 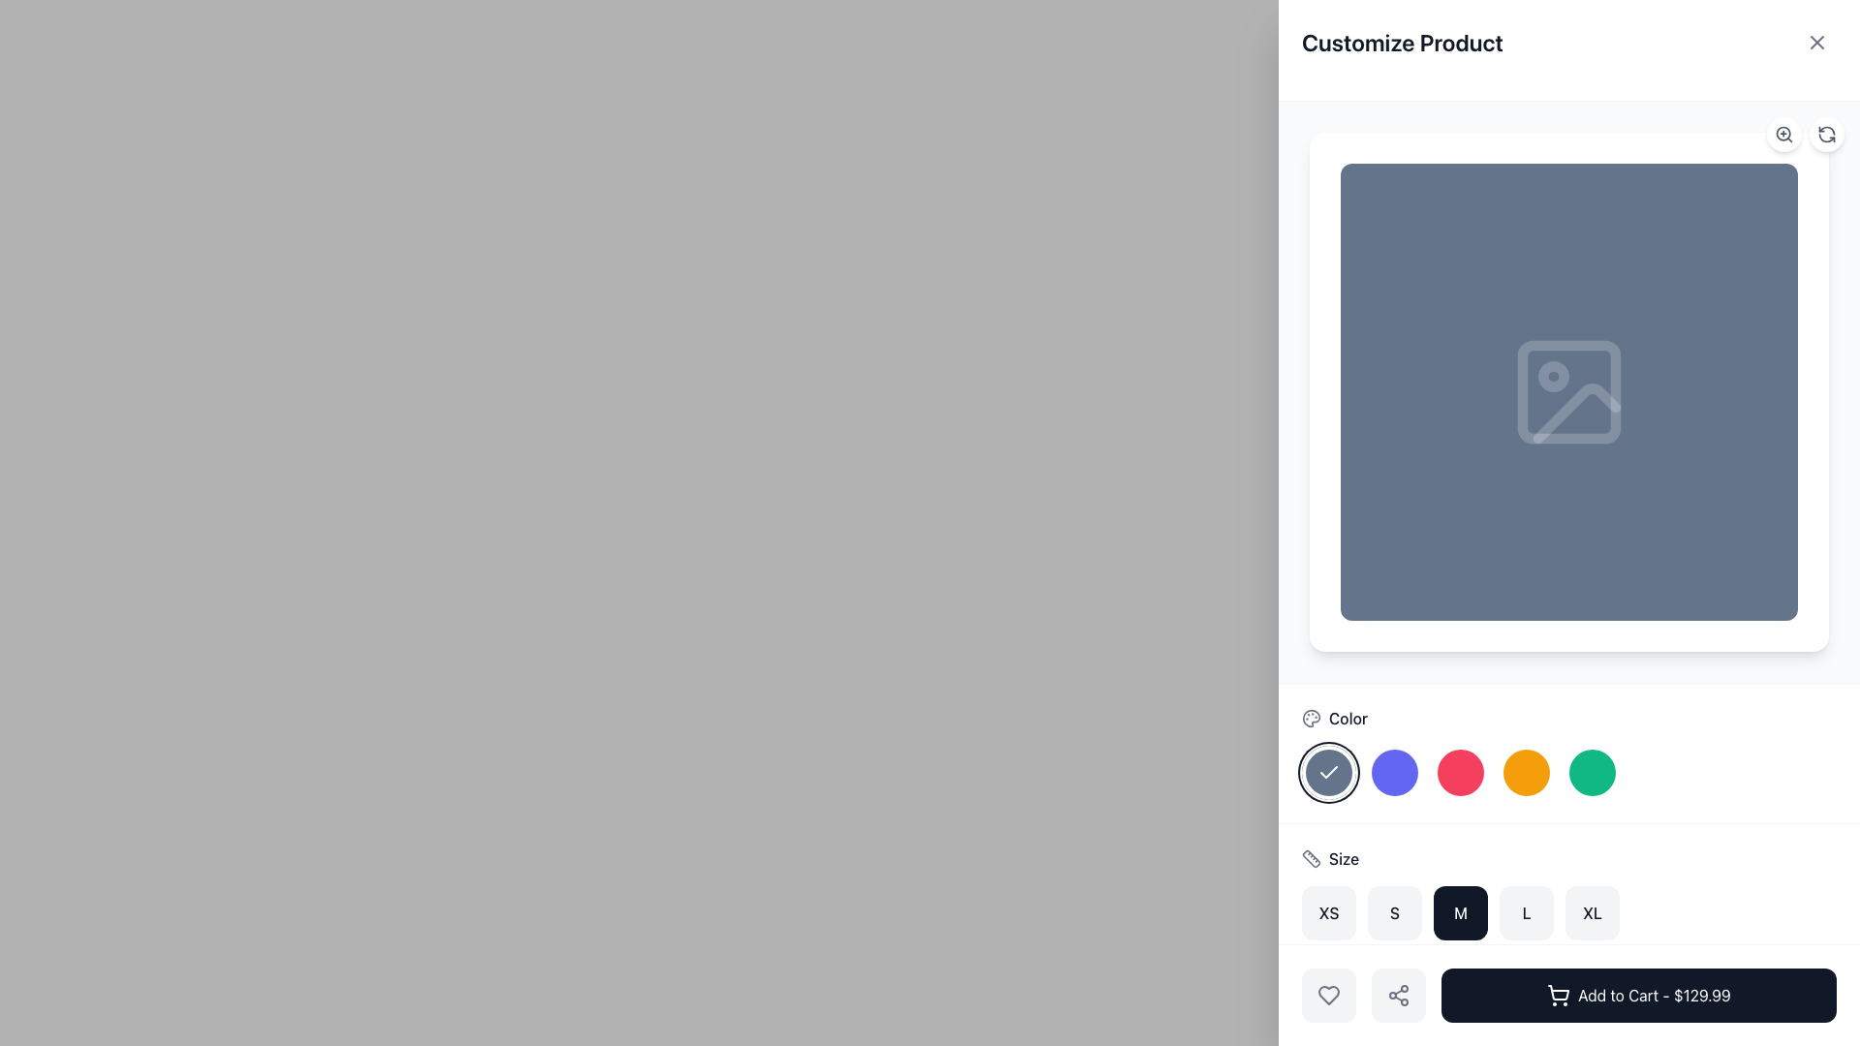 I want to click on the third selectable color option circle, which has a solid rose color fill and is located in the color selection section below the image area, so click(x=1460, y=772).